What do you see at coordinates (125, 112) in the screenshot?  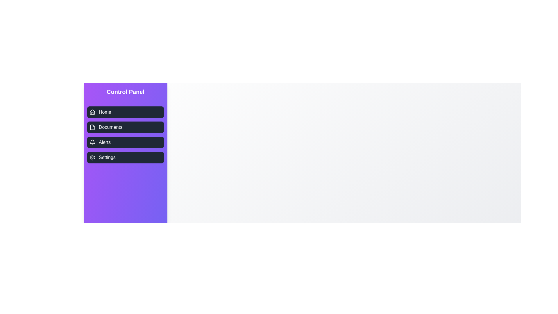 I see `the navigation item labeled Home` at bounding box center [125, 112].